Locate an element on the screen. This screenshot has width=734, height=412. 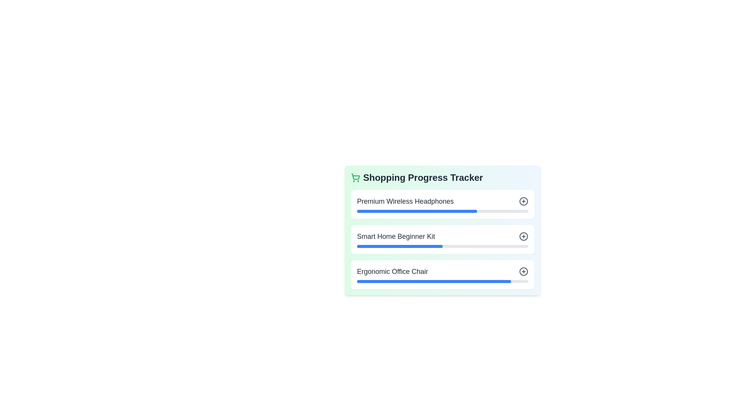
title 'Smart Home Beginner Kit' which is a prominent text element in the progress tracker interface, located below 'Premium Wireless Headphones' and above 'Ergonomic Office Chair' is located at coordinates (396, 236).